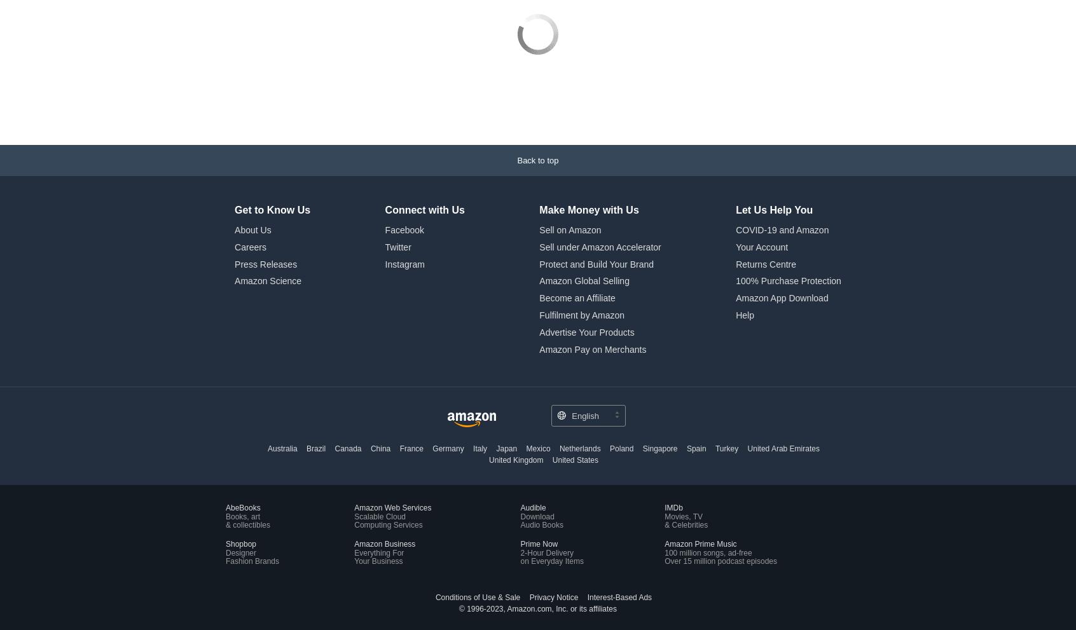 The image size is (1076, 630). Describe the element at coordinates (539, 229) in the screenshot. I see `'Fulfilment by Amazon'` at that location.